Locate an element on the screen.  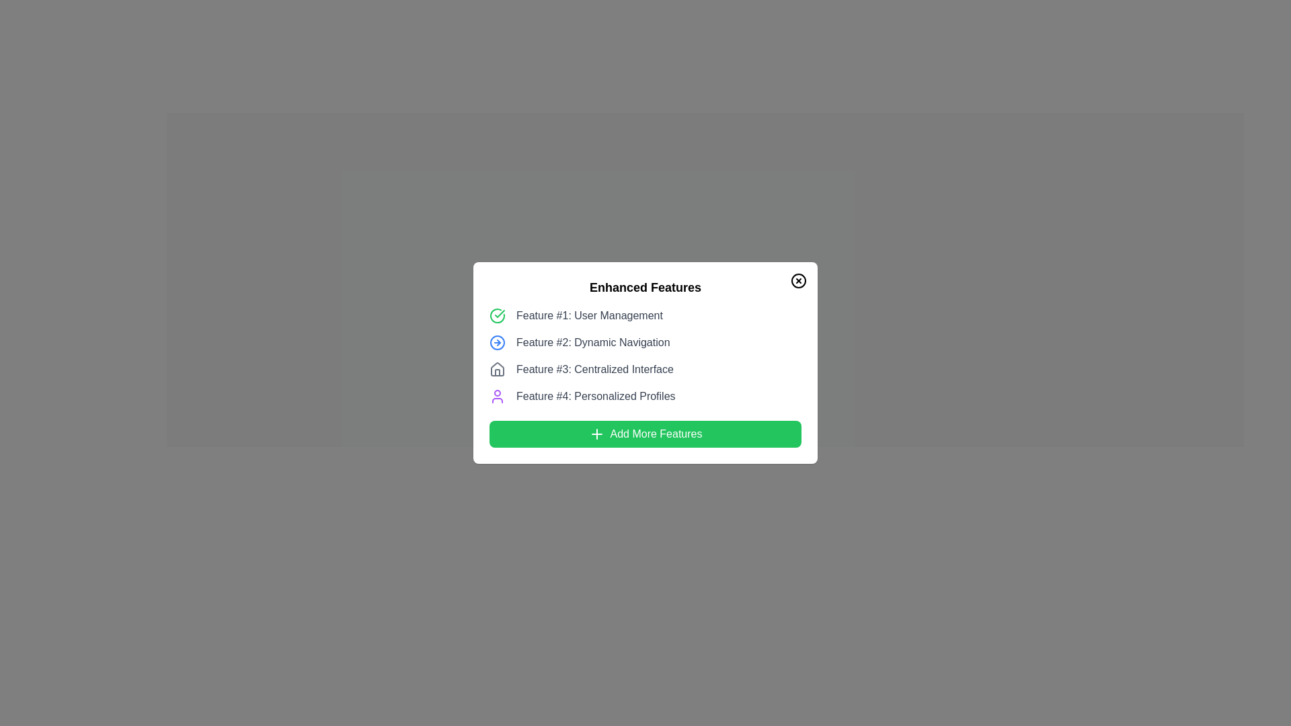
the circular close button with an 'X' icon located in the top-right corner of the 'Enhanced Features' modal is located at coordinates (799, 280).